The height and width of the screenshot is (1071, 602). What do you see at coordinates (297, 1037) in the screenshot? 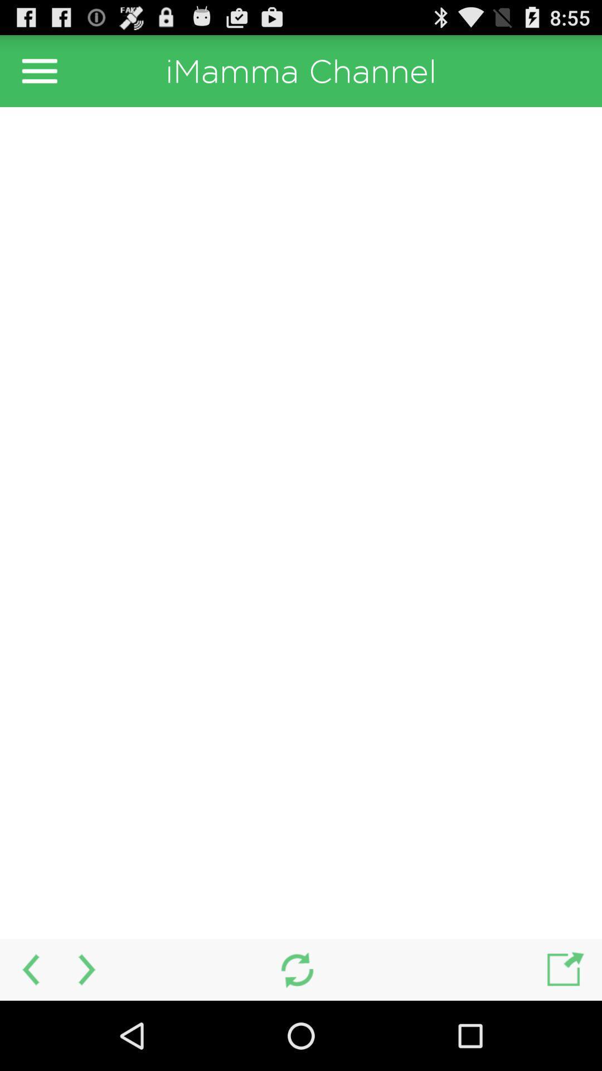
I see `the refresh icon` at bounding box center [297, 1037].